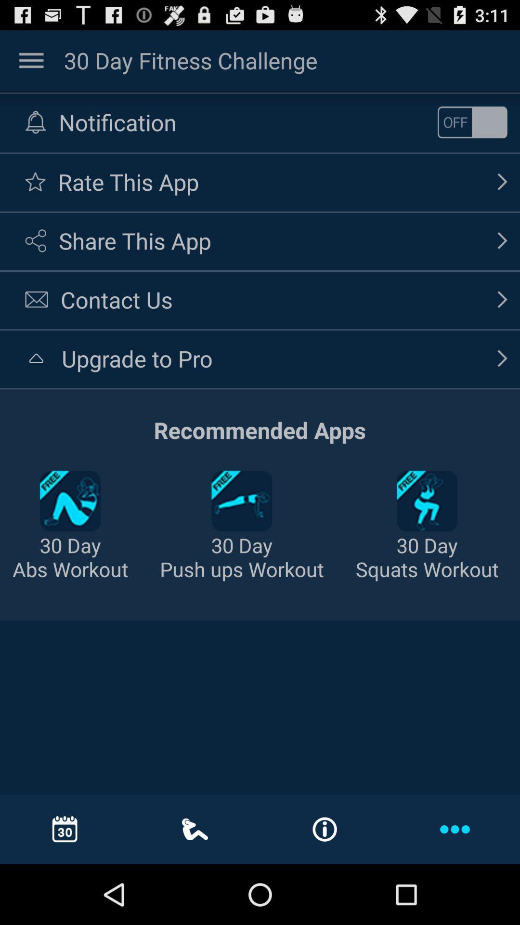 The image size is (520, 925). What do you see at coordinates (325, 829) in the screenshot?
I see `information icon` at bounding box center [325, 829].